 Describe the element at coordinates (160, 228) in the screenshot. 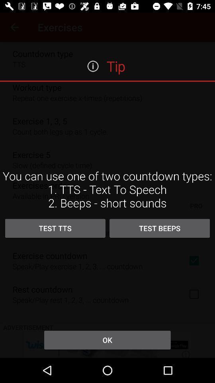

I see `the test beeps item` at that location.